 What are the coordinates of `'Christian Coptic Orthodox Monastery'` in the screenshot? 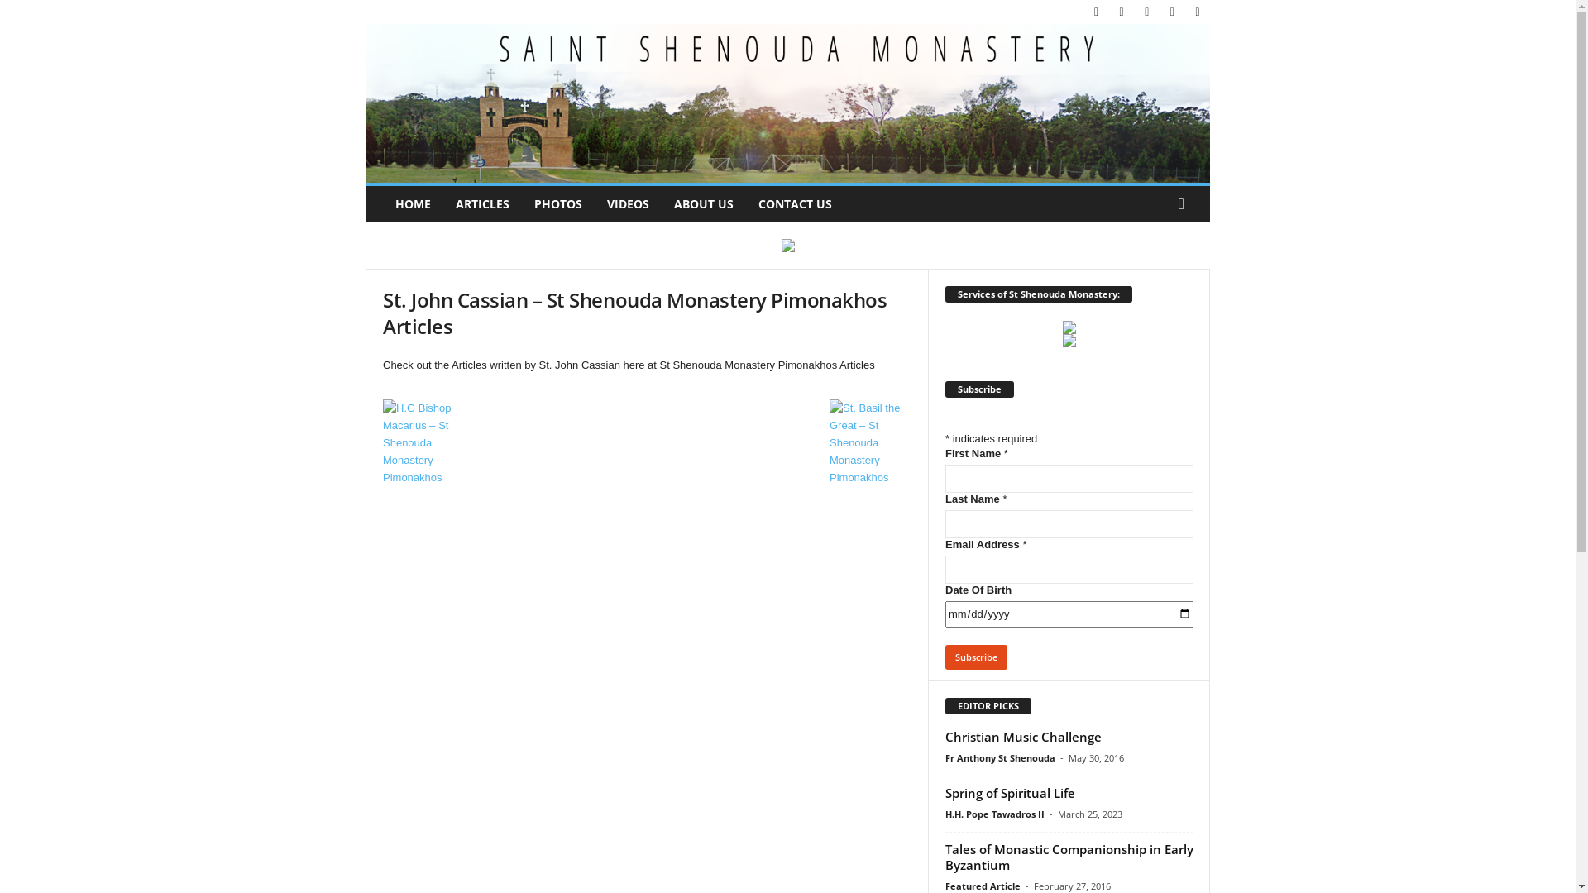 It's located at (364, 103).